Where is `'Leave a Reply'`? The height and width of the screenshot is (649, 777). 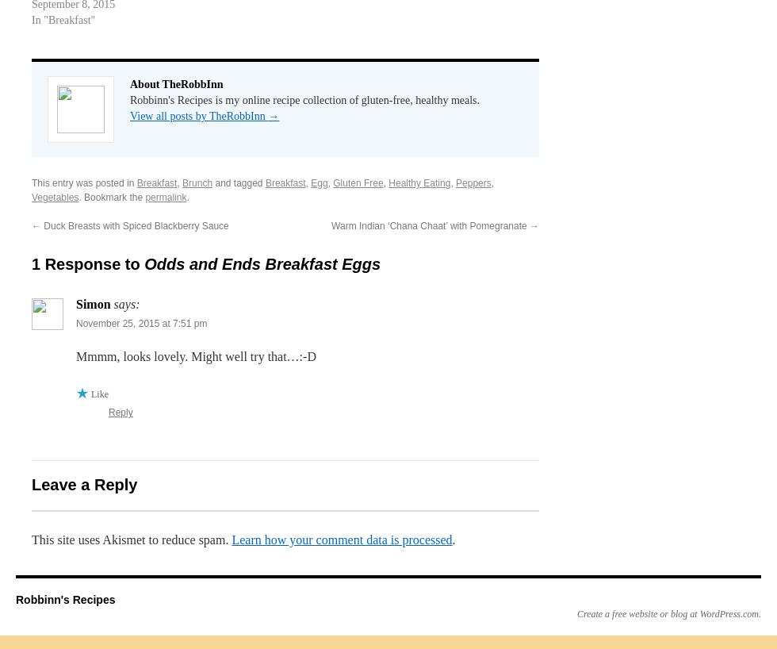
'Leave a Reply' is located at coordinates (84, 483).